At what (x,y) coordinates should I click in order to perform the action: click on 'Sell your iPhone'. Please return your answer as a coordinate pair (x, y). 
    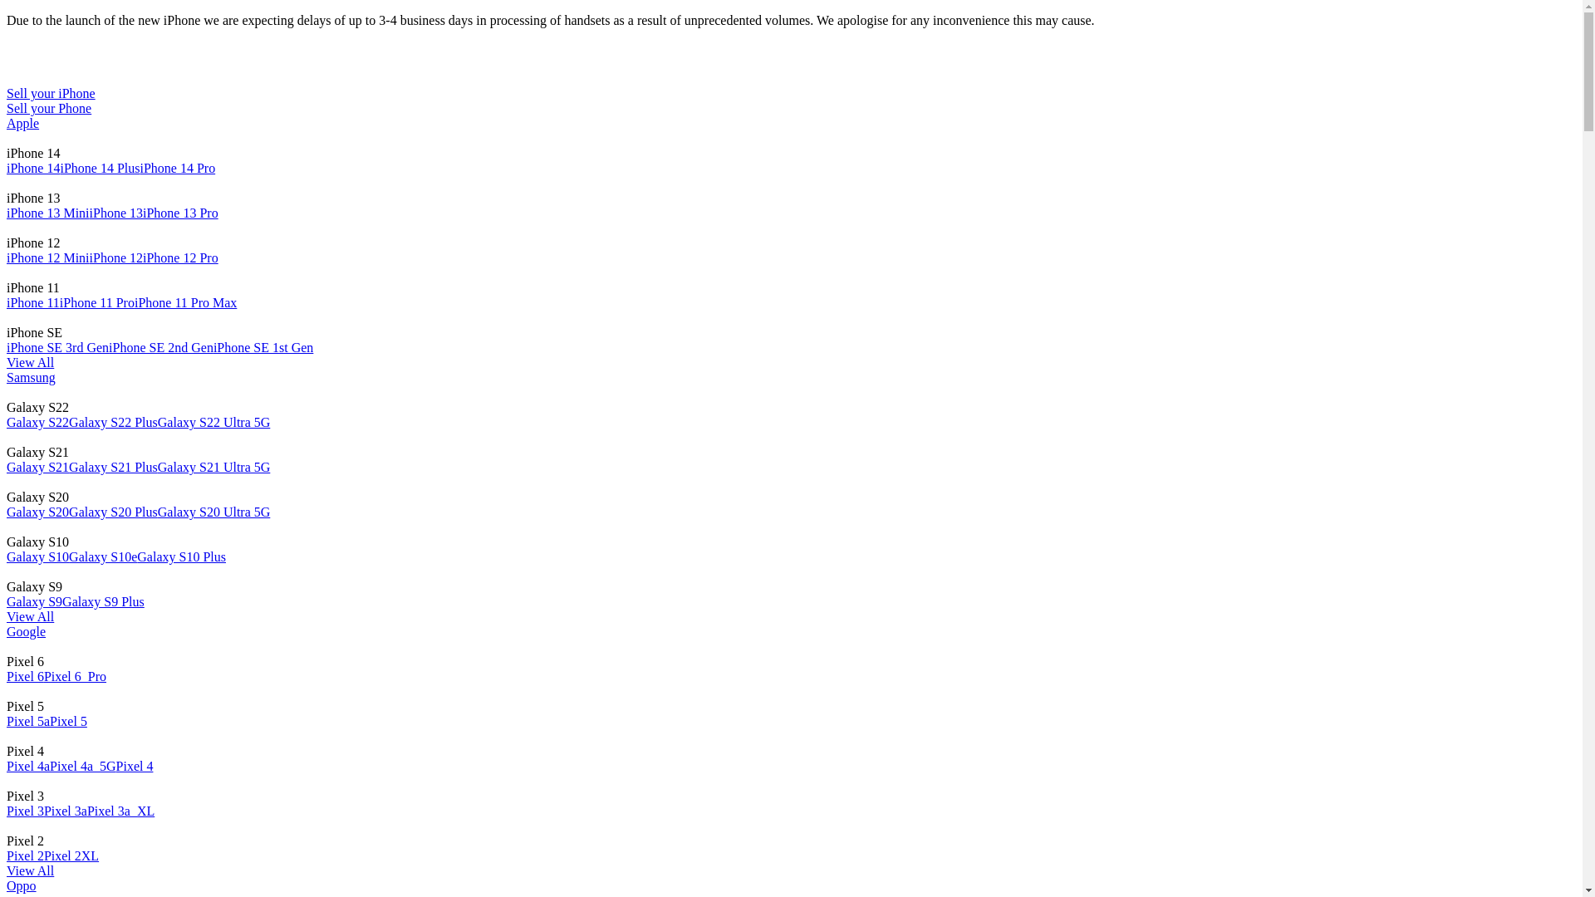
    Looking at the image, I should click on (51, 93).